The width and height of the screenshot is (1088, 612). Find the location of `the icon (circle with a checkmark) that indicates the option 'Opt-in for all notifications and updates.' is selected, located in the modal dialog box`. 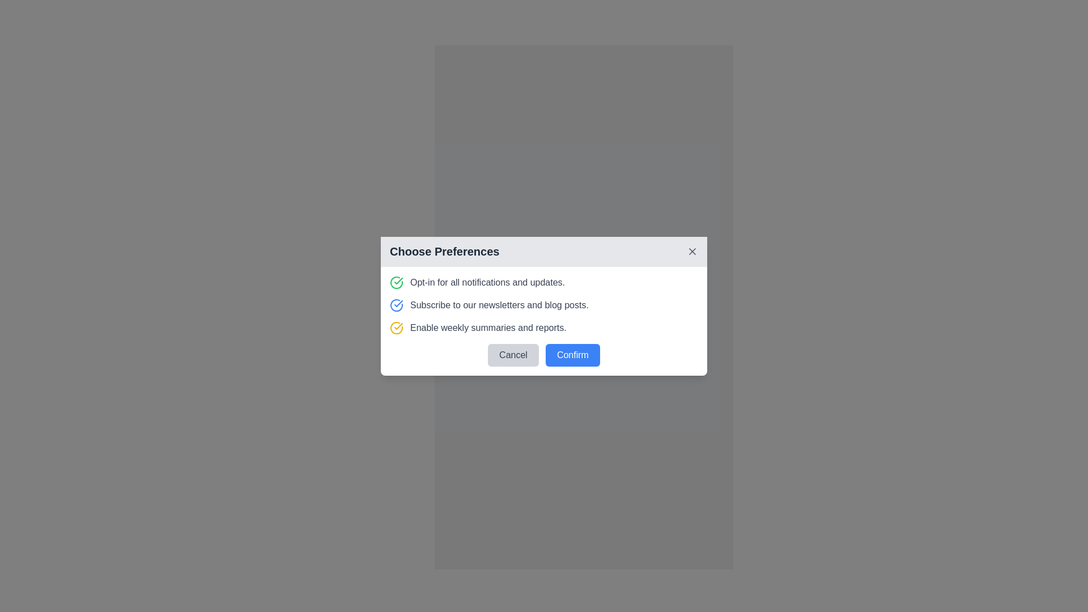

the icon (circle with a checkmark) that indicates the option 'Opt-in for all notifications and updates.' is selected, located in the modal dialog box is located at coordinates (397, 281).